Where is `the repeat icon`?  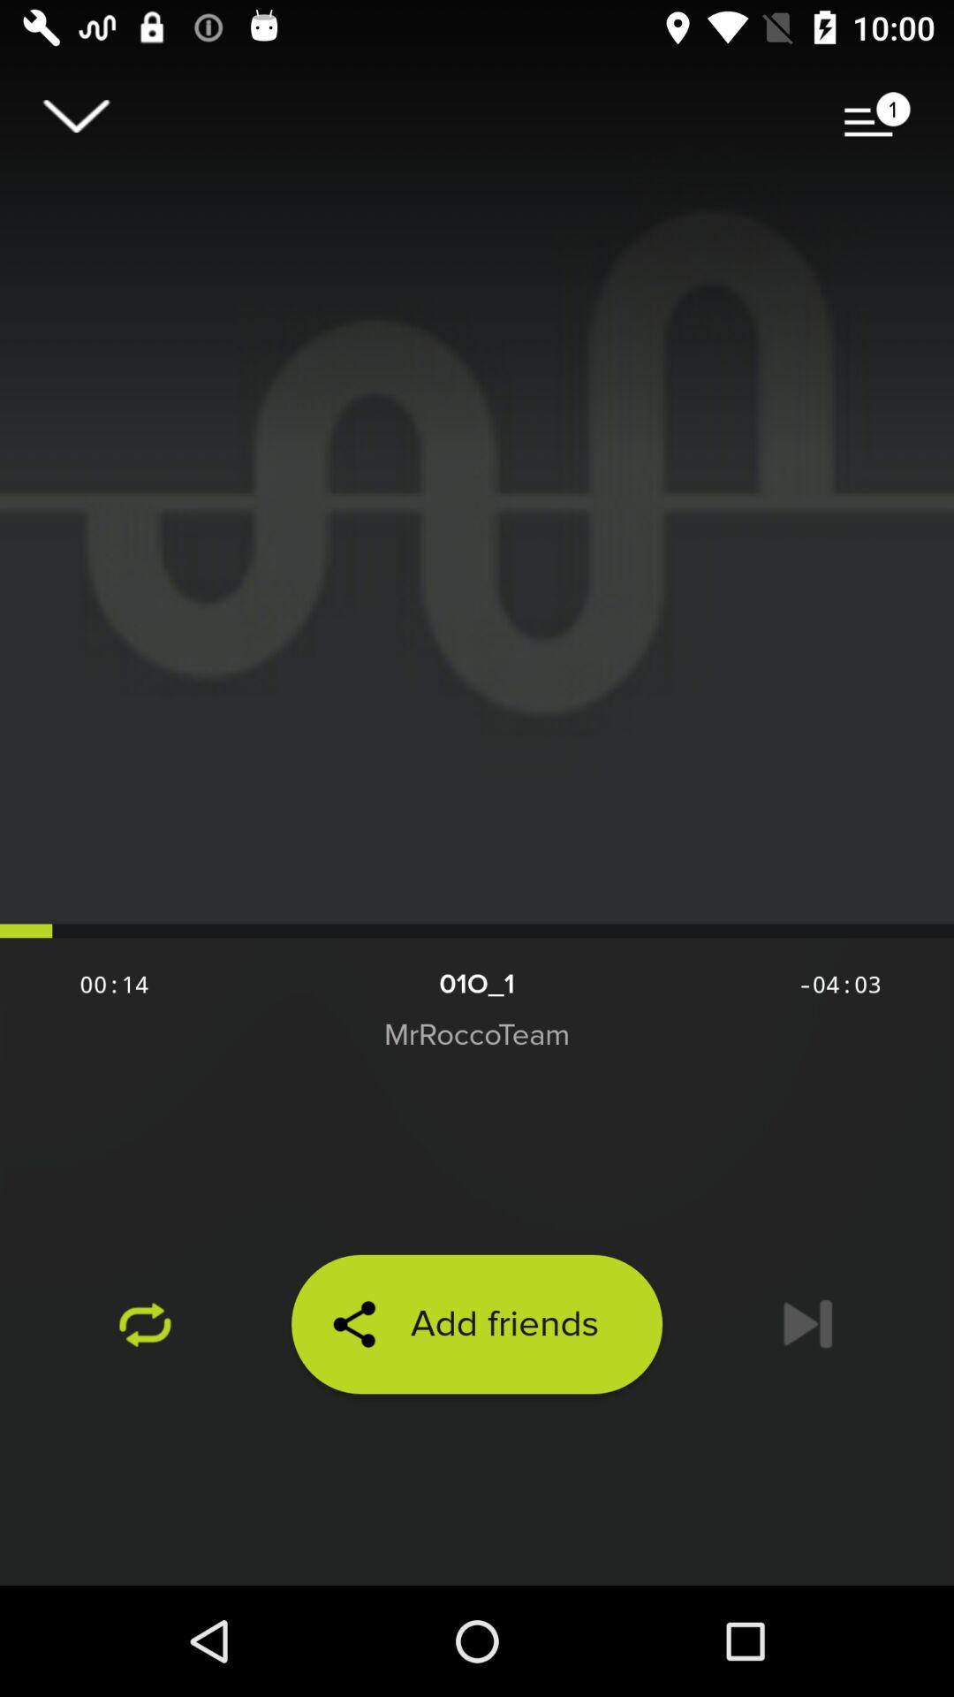
the repeat icon is located at coordinates (145, 1324).